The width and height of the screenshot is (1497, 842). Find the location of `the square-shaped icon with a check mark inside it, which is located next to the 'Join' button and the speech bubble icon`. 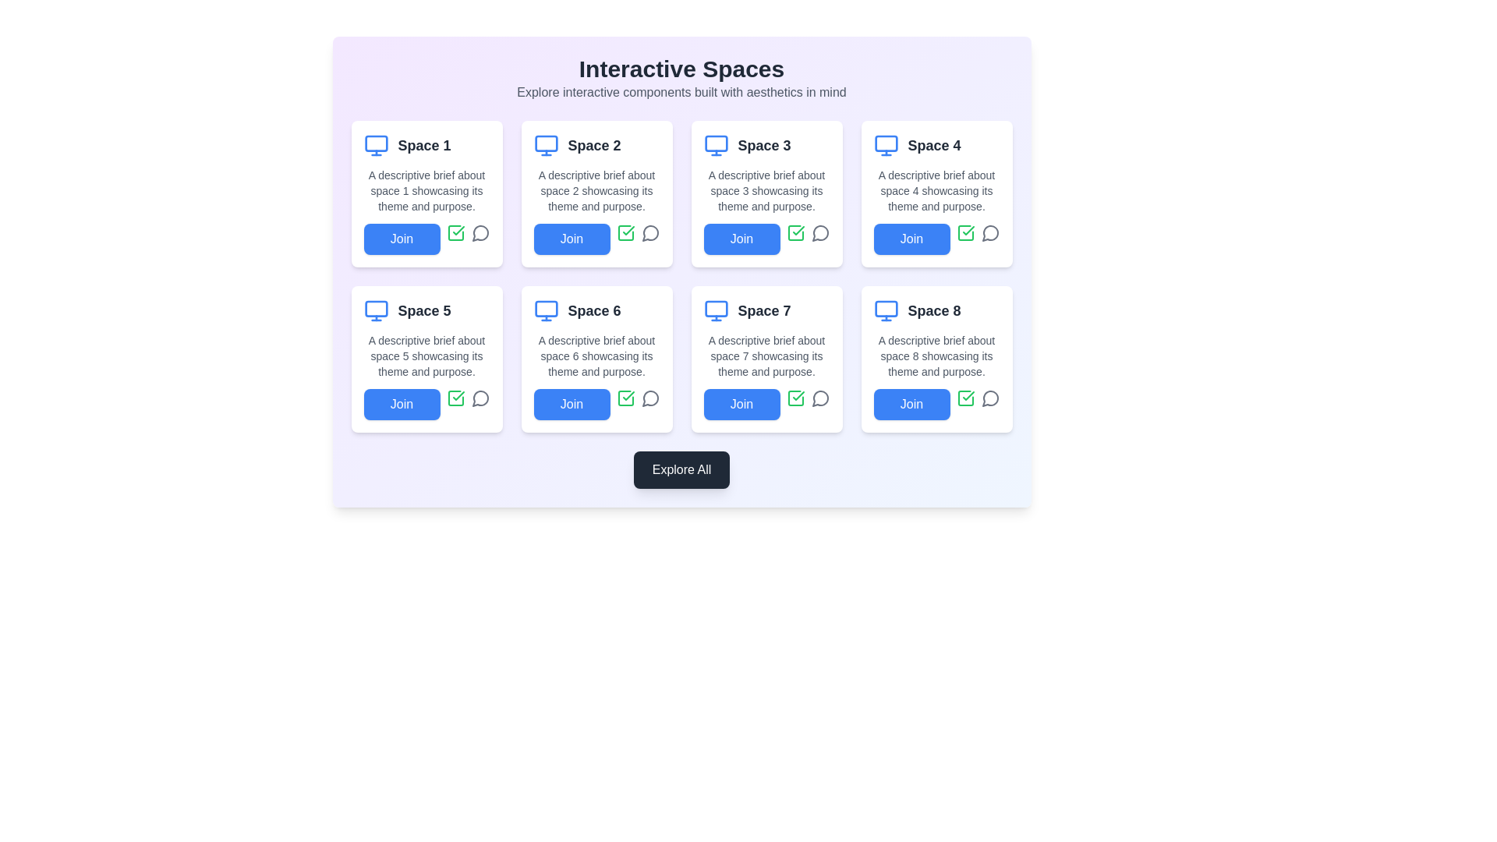

the square-shaped icon with a check mark inside it, which is located next to the 'Join' button and the speech bubble icon is located at coordinates (625, 397).